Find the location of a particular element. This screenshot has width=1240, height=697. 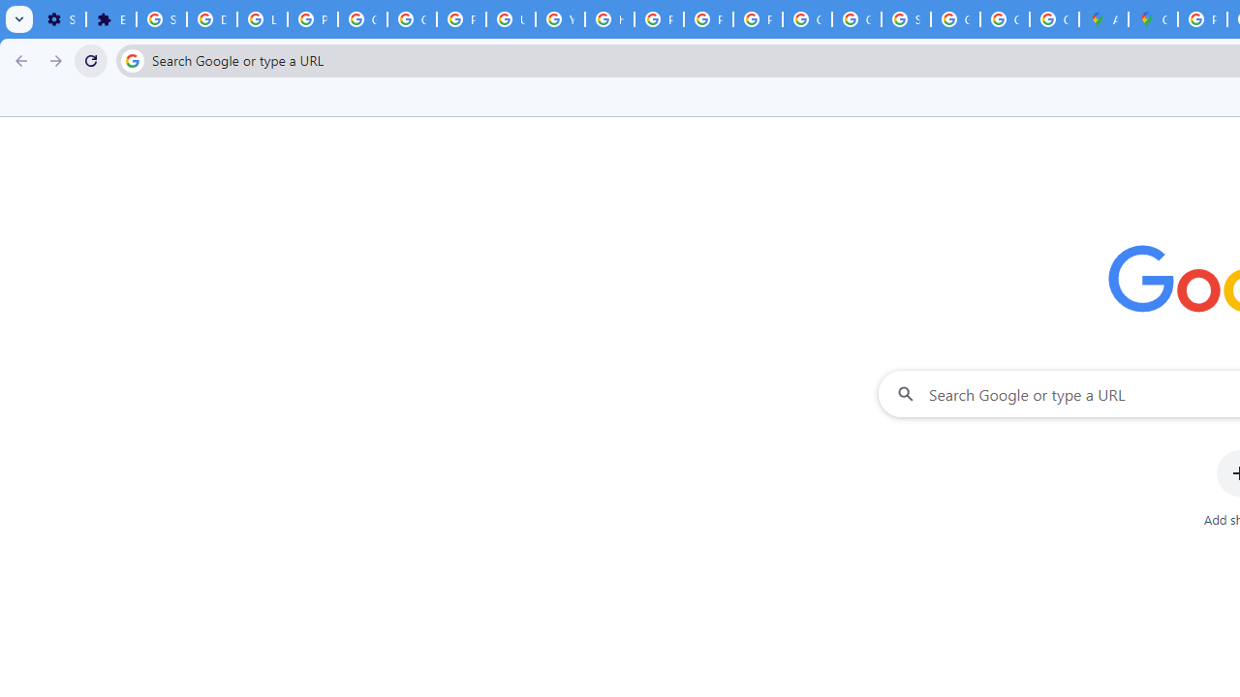

'Create your Google Account' is located at coordinates (1053, 19).